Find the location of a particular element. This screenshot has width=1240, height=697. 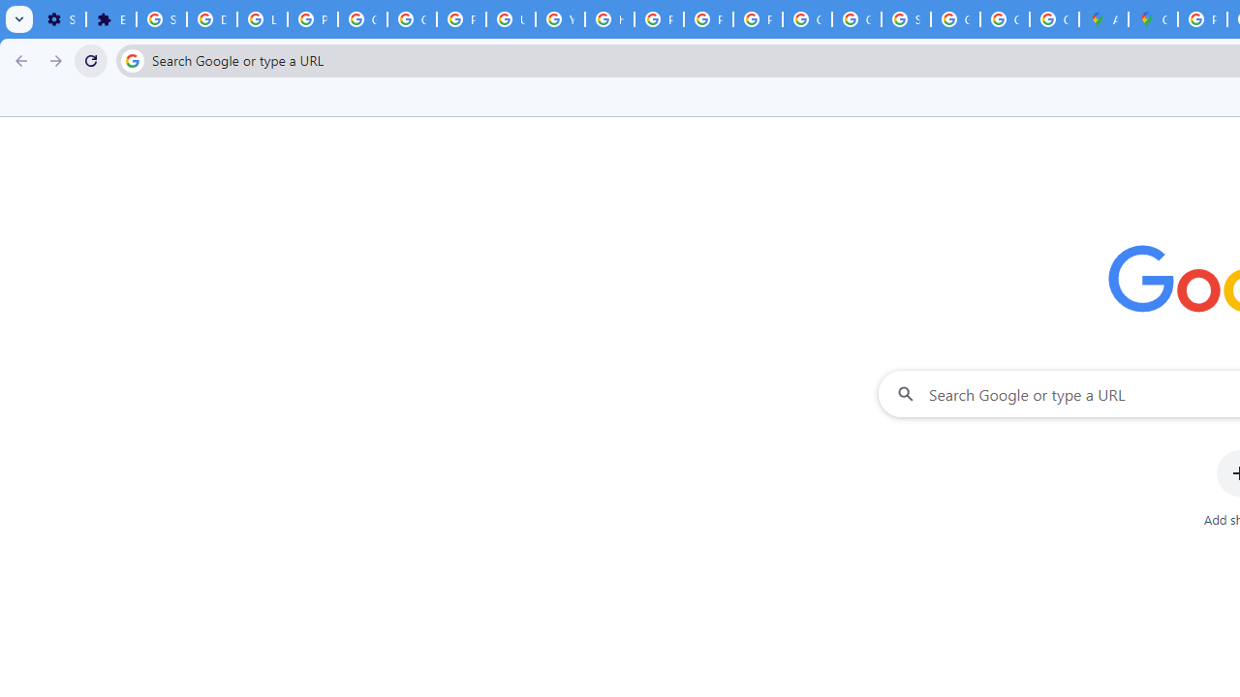

'Create your Google Account' is located at coordinates (1053, 19).